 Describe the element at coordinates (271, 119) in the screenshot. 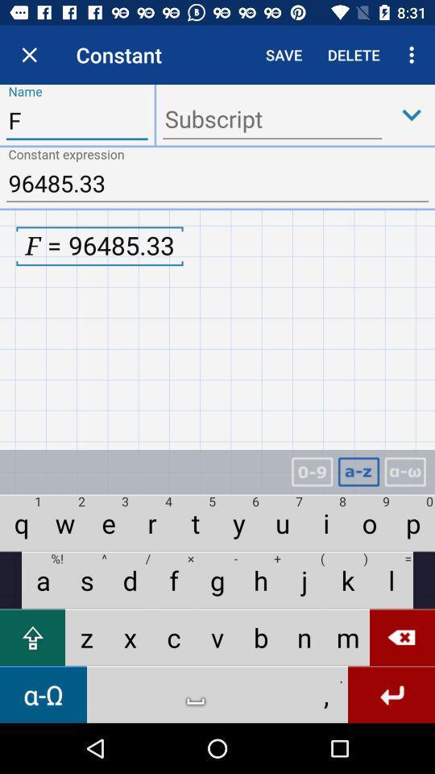

I see `ender the subscript box` at that location.